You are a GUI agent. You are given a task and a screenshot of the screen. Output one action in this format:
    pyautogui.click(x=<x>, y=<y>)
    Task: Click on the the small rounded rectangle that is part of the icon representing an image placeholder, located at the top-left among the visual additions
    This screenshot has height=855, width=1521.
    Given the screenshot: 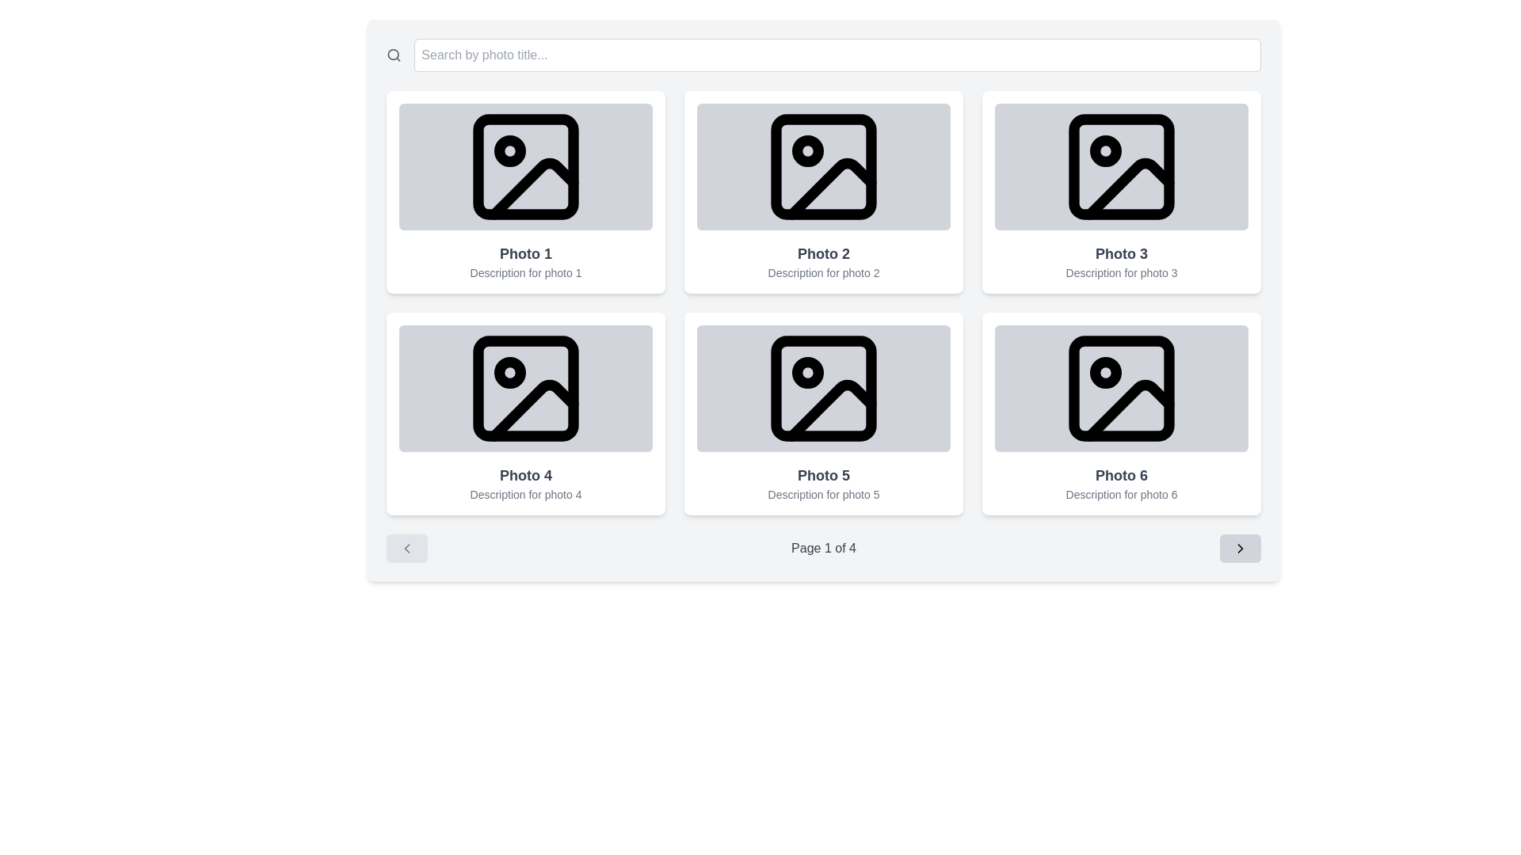 What is the action you would take?
    pyautogui.click(x=525, y=388)
    